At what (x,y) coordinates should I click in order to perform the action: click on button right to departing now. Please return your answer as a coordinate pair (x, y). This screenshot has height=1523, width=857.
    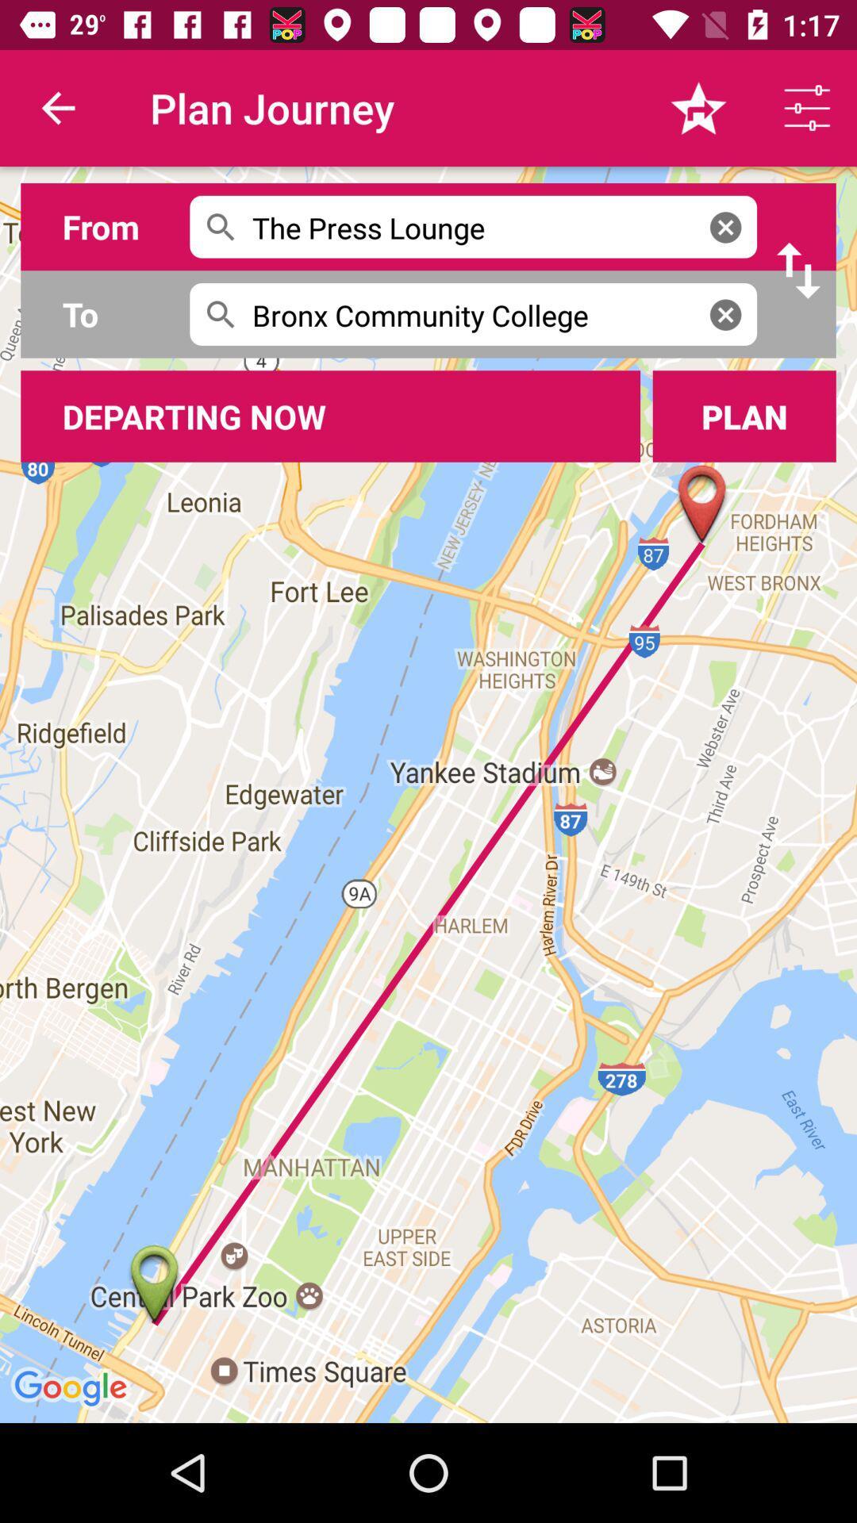
    Looking at the image, I should click on (744, 416).